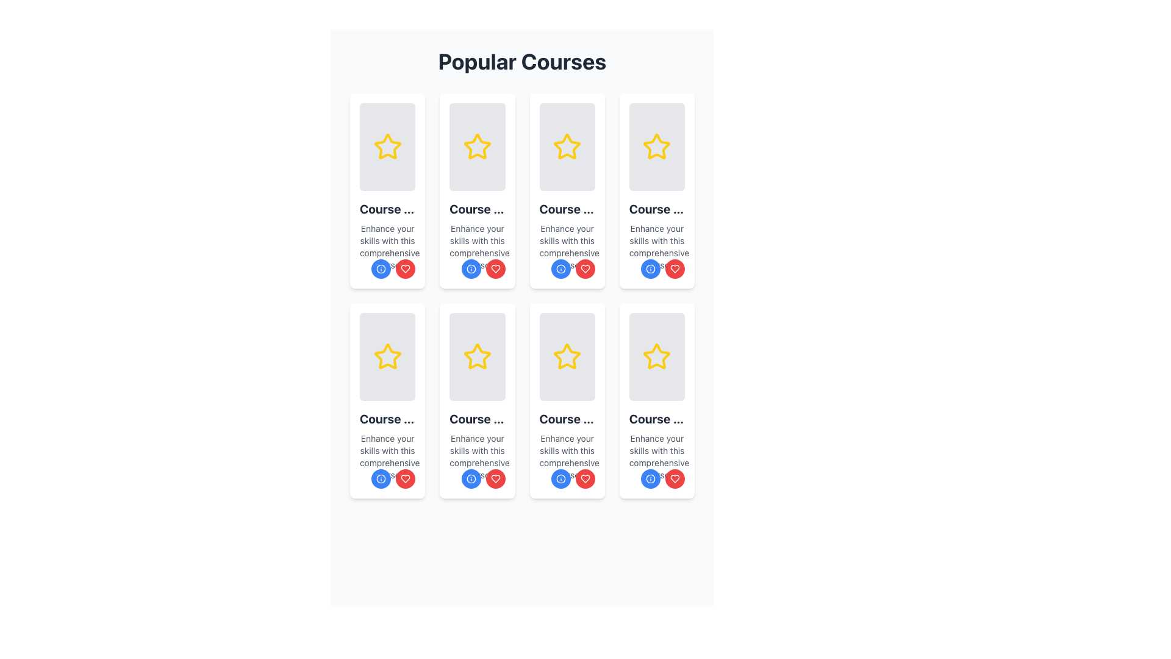 The width and height of the screenshot is (1171, 659). What do you see at coordinates (387, 146) in the screenshot?
I see `the rating icon located in the upper portion of the first card under the 'Popular Courses' header` at bounding box center [387, 146].